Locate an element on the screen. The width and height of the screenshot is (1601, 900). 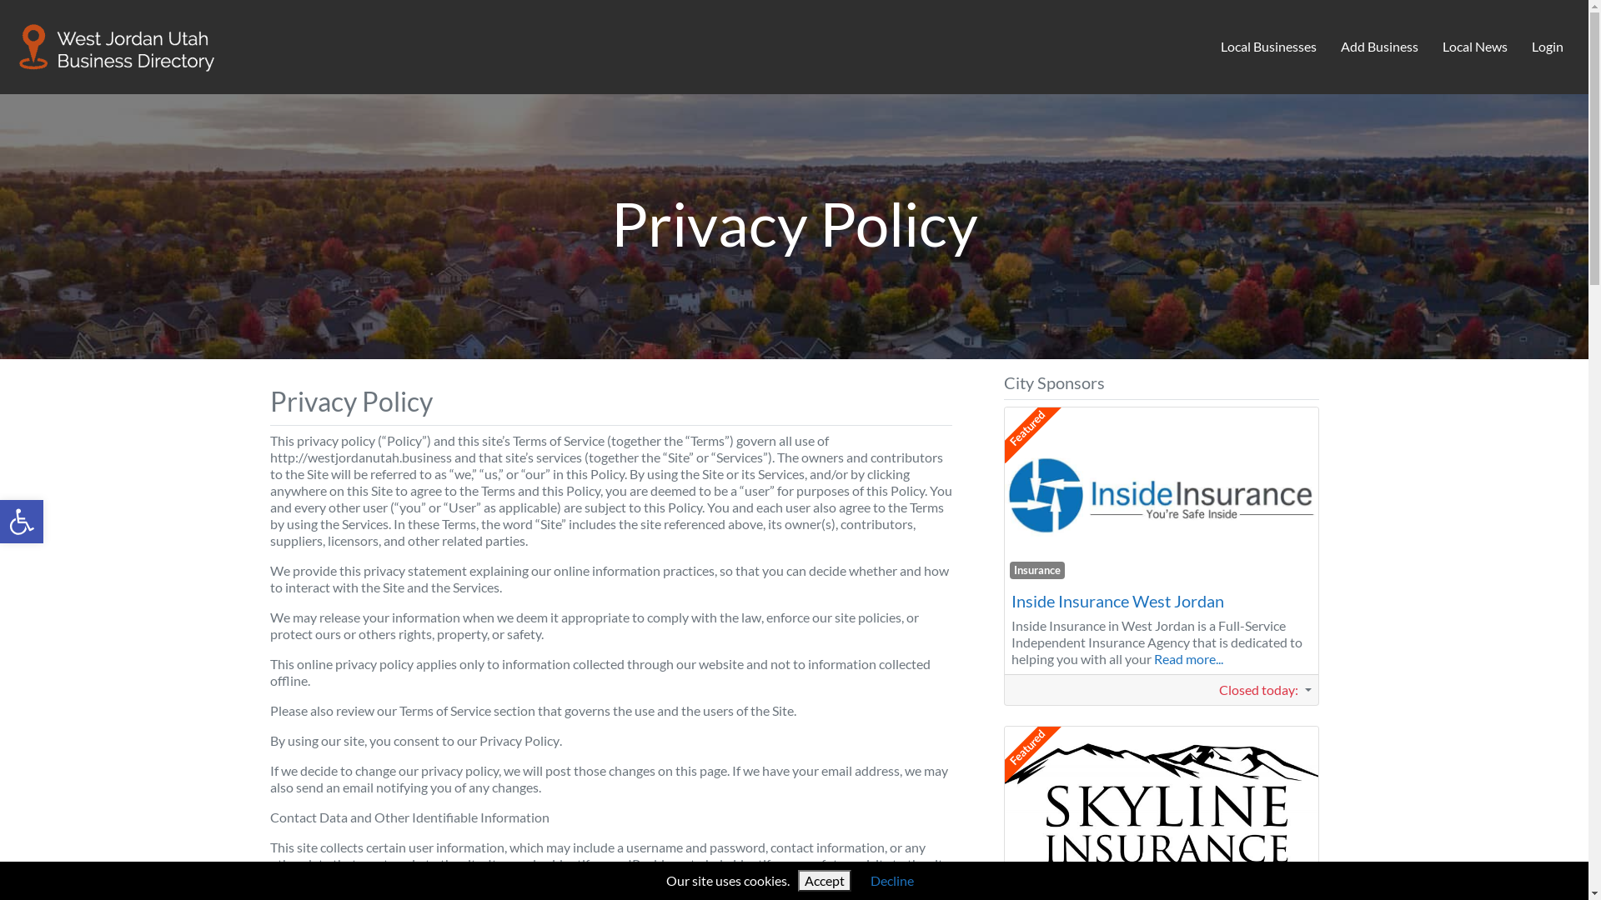
'Featured' is located at coordinates (1032, 719).